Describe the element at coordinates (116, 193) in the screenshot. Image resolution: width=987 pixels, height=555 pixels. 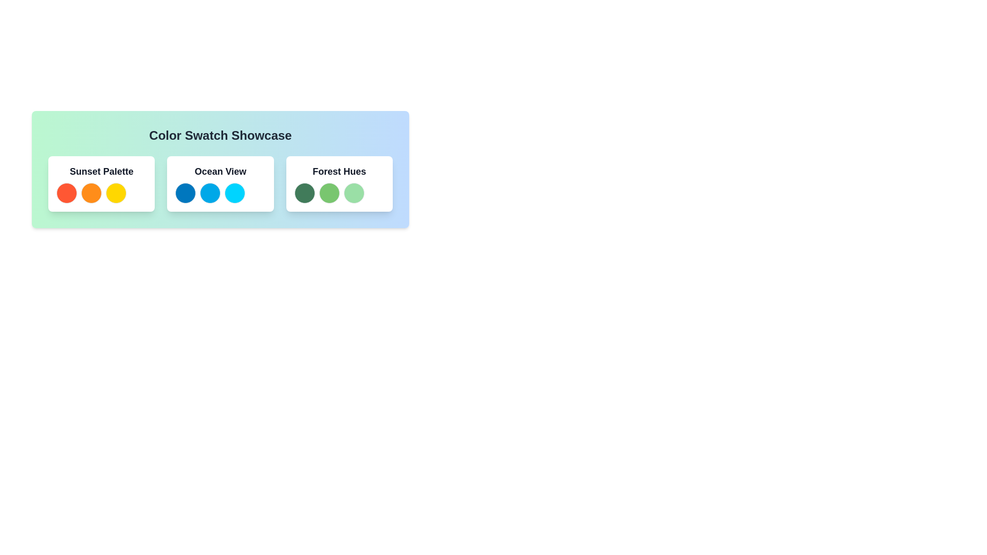
I see `the third color swatch in the 'Sunset Palette' section, which is a circular shape with a yellow background color and a thin border` at that location.